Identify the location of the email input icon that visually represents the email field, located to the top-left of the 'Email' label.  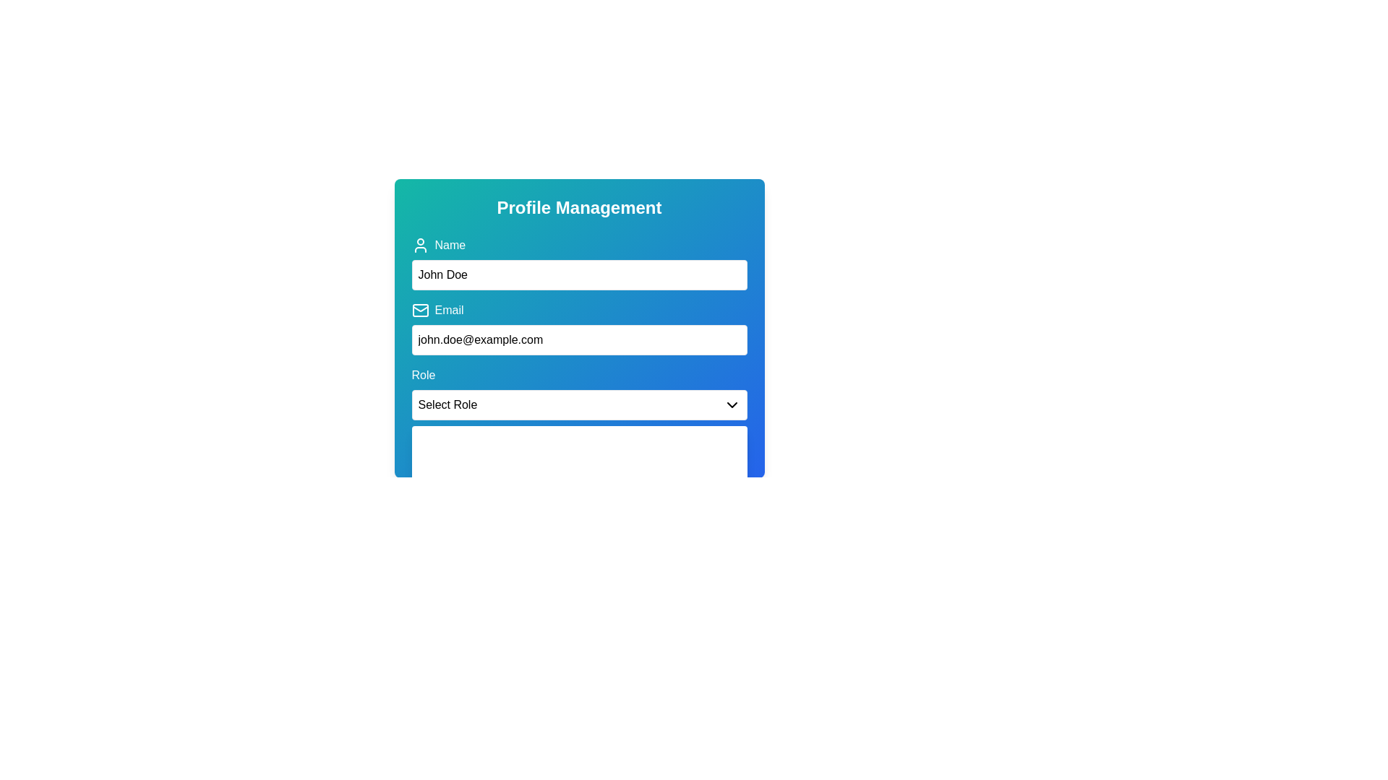
(419, 309).